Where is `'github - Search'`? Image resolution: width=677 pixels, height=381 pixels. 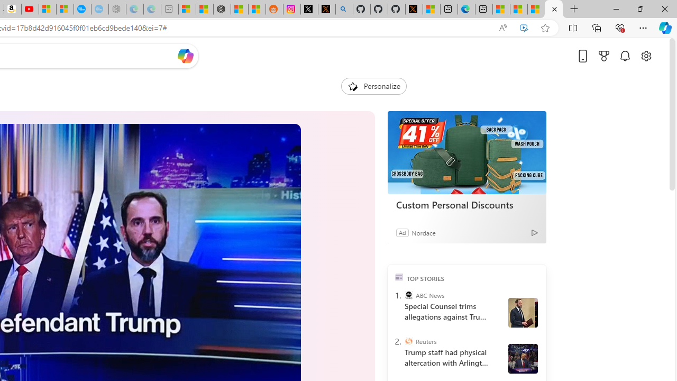
'github - Search' is located at coordinates (344, 9).